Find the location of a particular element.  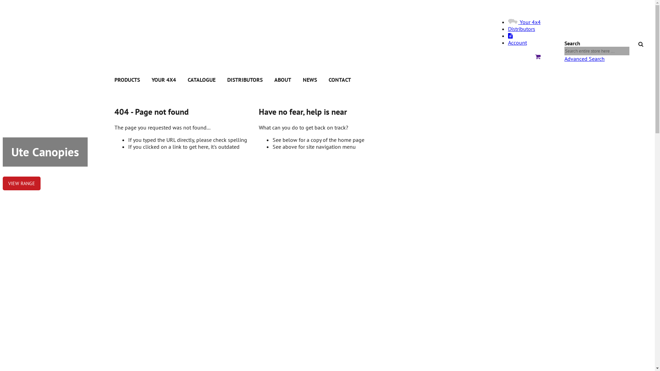

'Your 4x4' is located at coordinates (524, 22).